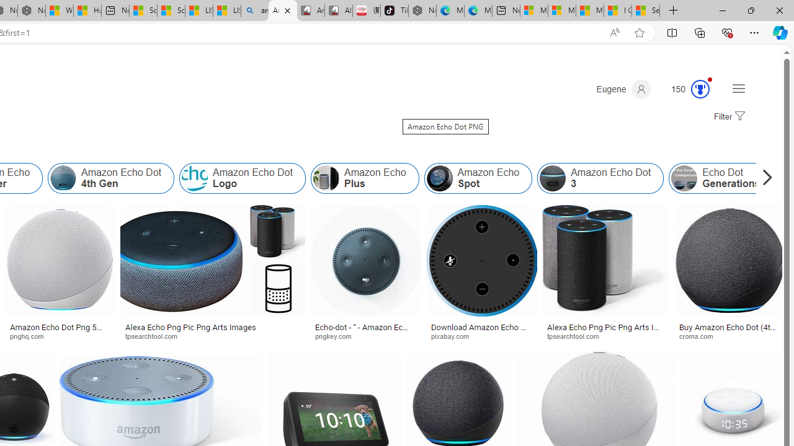 The image size is (794, 446). Describe the element at coordinates (729, 336) in the screenshot. I see `'croma.com'` at that location.